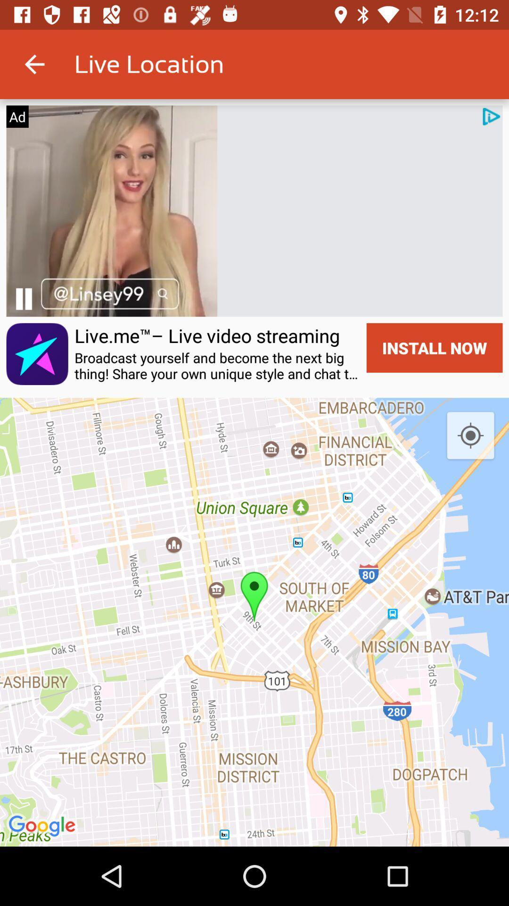  I want to click on item to the left of the live me live, so click(37, 353).